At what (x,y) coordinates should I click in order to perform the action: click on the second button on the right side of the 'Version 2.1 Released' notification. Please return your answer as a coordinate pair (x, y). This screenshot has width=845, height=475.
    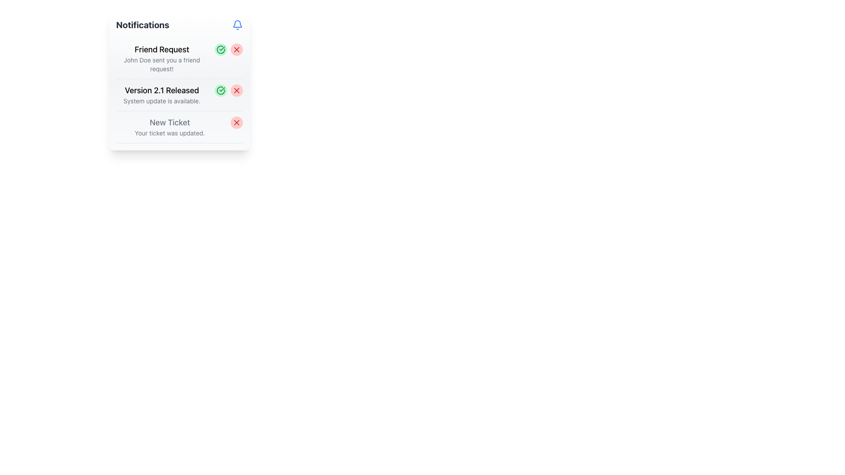
    Looking at the image, I should click on (236, 90).